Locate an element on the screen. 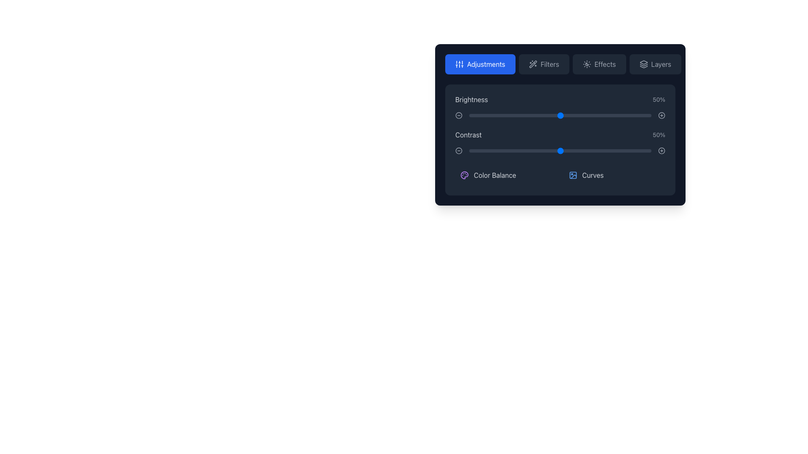 The width and height of the screenshot is (808, 454). the 'Layers' icon, which is a concise icon resembling stacked layers or sheets with thin white outlines on a dark gray background is located at coordinates (643, 64).